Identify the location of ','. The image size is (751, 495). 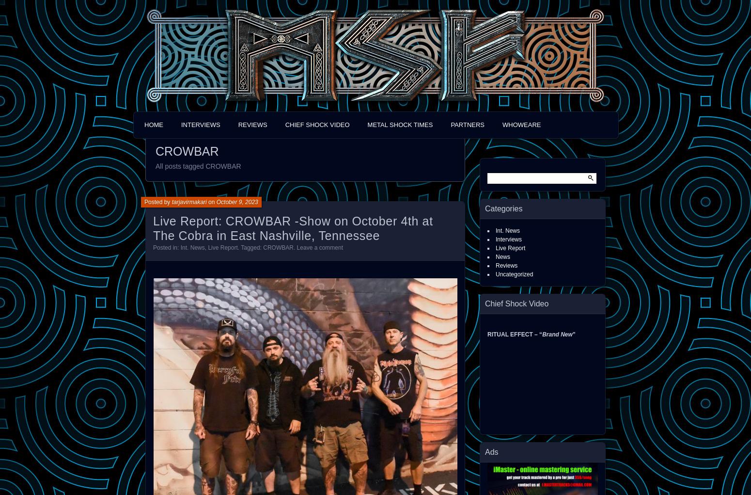
(206, 247).